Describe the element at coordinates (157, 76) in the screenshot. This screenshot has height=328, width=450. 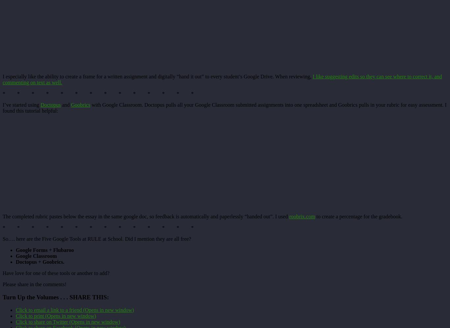
I see `'I especially like the ability to create a frame for a written assignment and digitally “hand it out” to every student’s Google Drive. When reviewing,'` at that location.